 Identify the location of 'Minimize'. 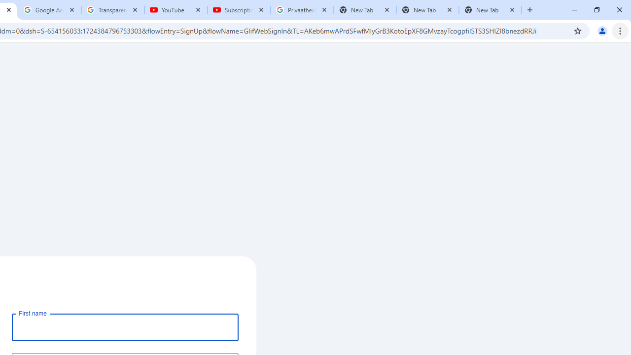
(574, 10).